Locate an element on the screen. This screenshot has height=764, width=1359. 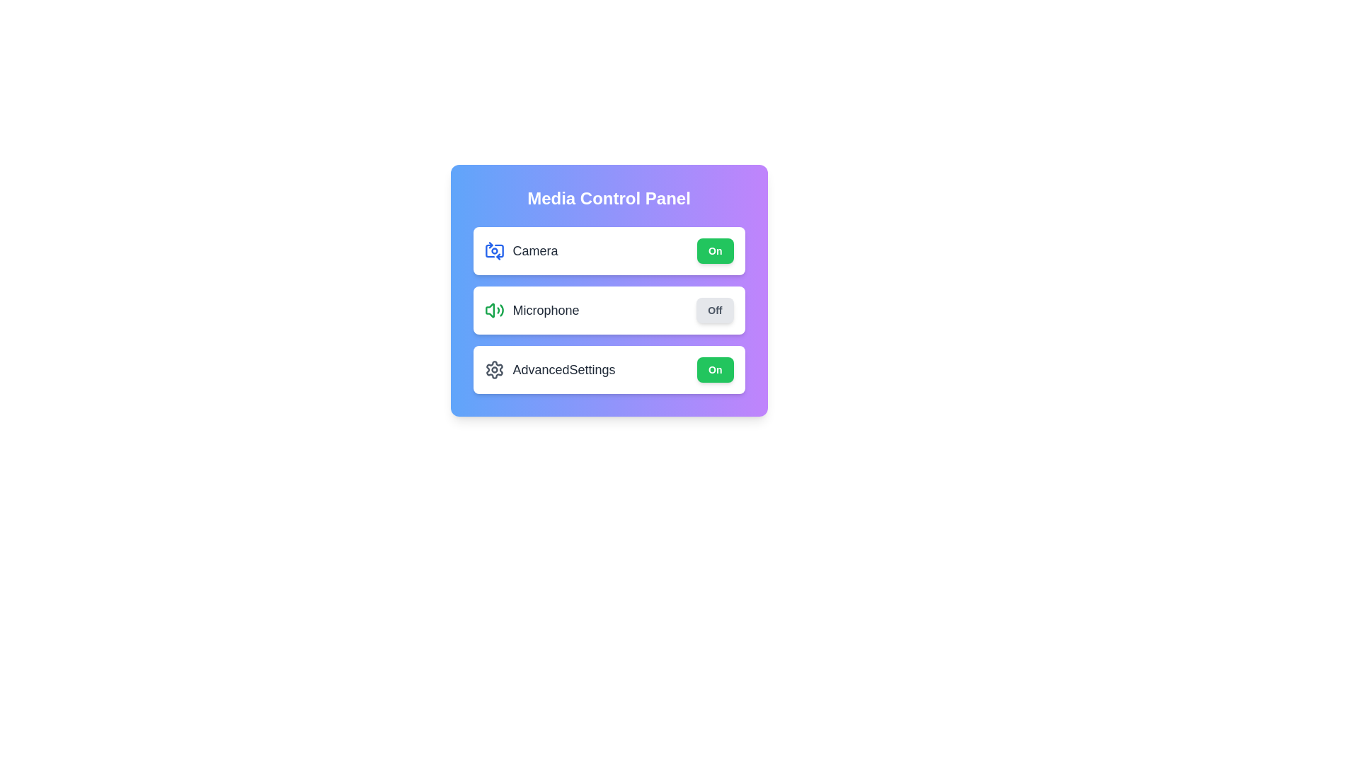
the icons of the controls to inspect their visual representation is located at coordinates (494, 250).